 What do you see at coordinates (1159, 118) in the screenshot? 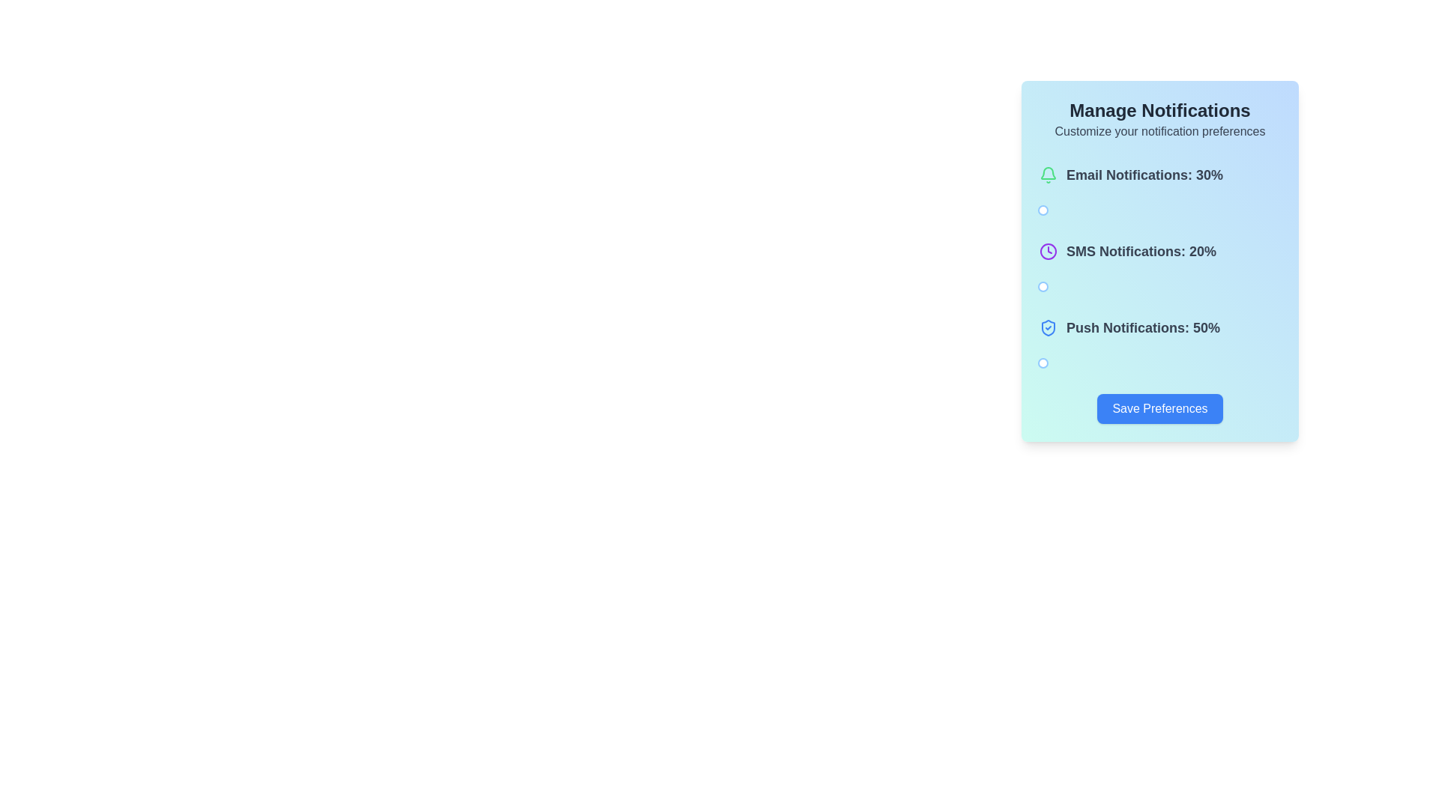
I see `the header text block of the notification management interface card located at the upper-right region of the interface` at bounding box center [1159, 118].